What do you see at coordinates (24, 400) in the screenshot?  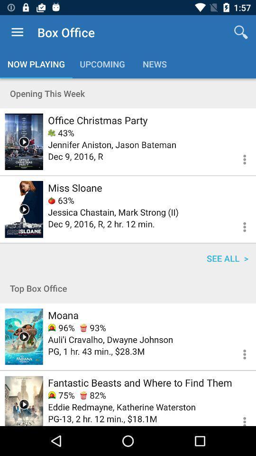 I see `check out this movie` at bounding box center [24, 400].